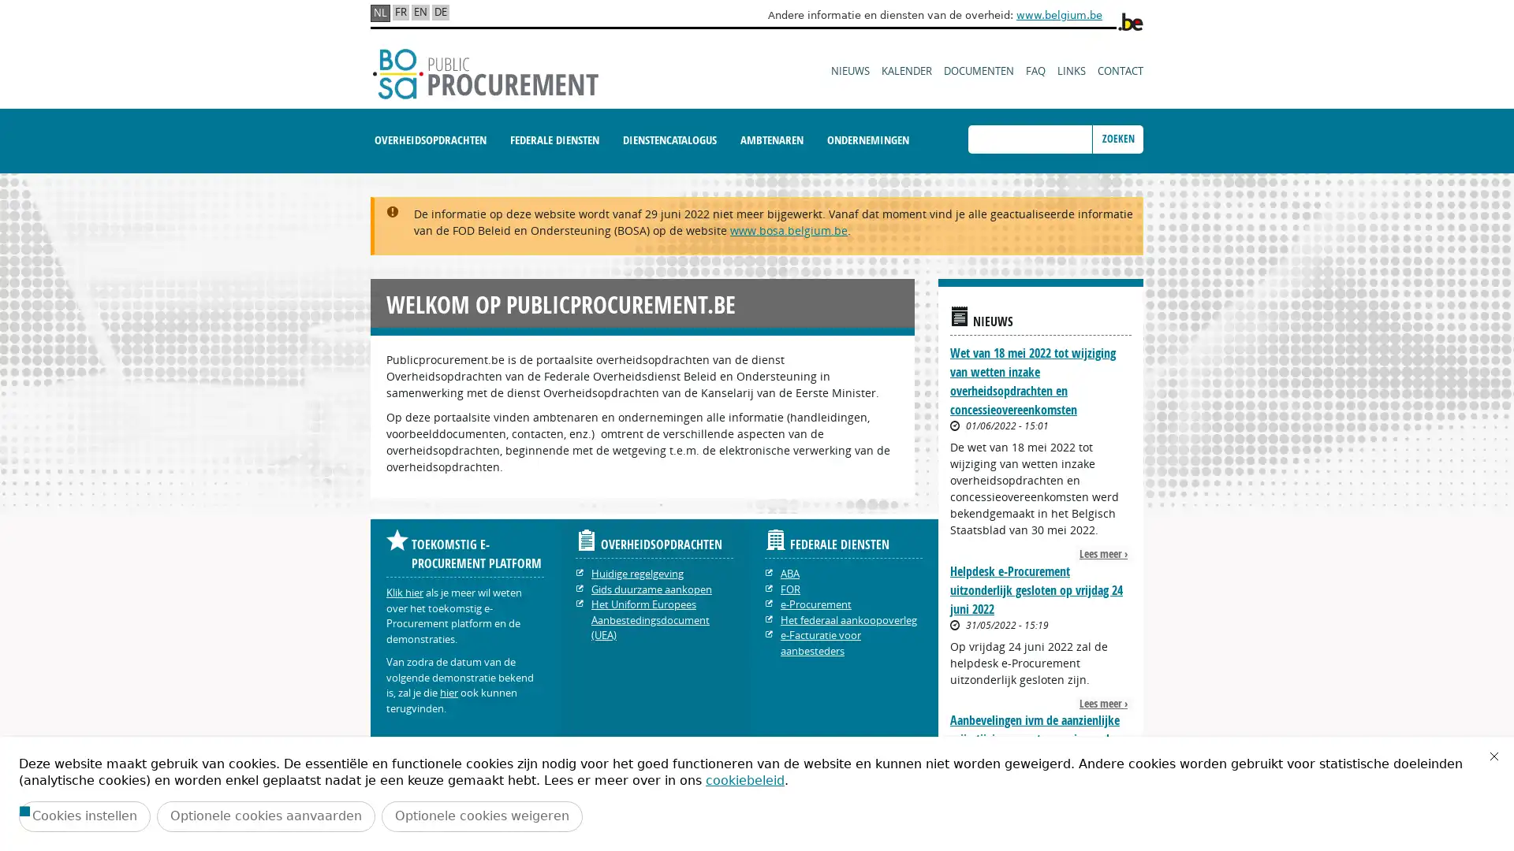 This screenshot has height=851, width=1514. I want to click on Optionele cookies aanvaarden, so click(266, 816).